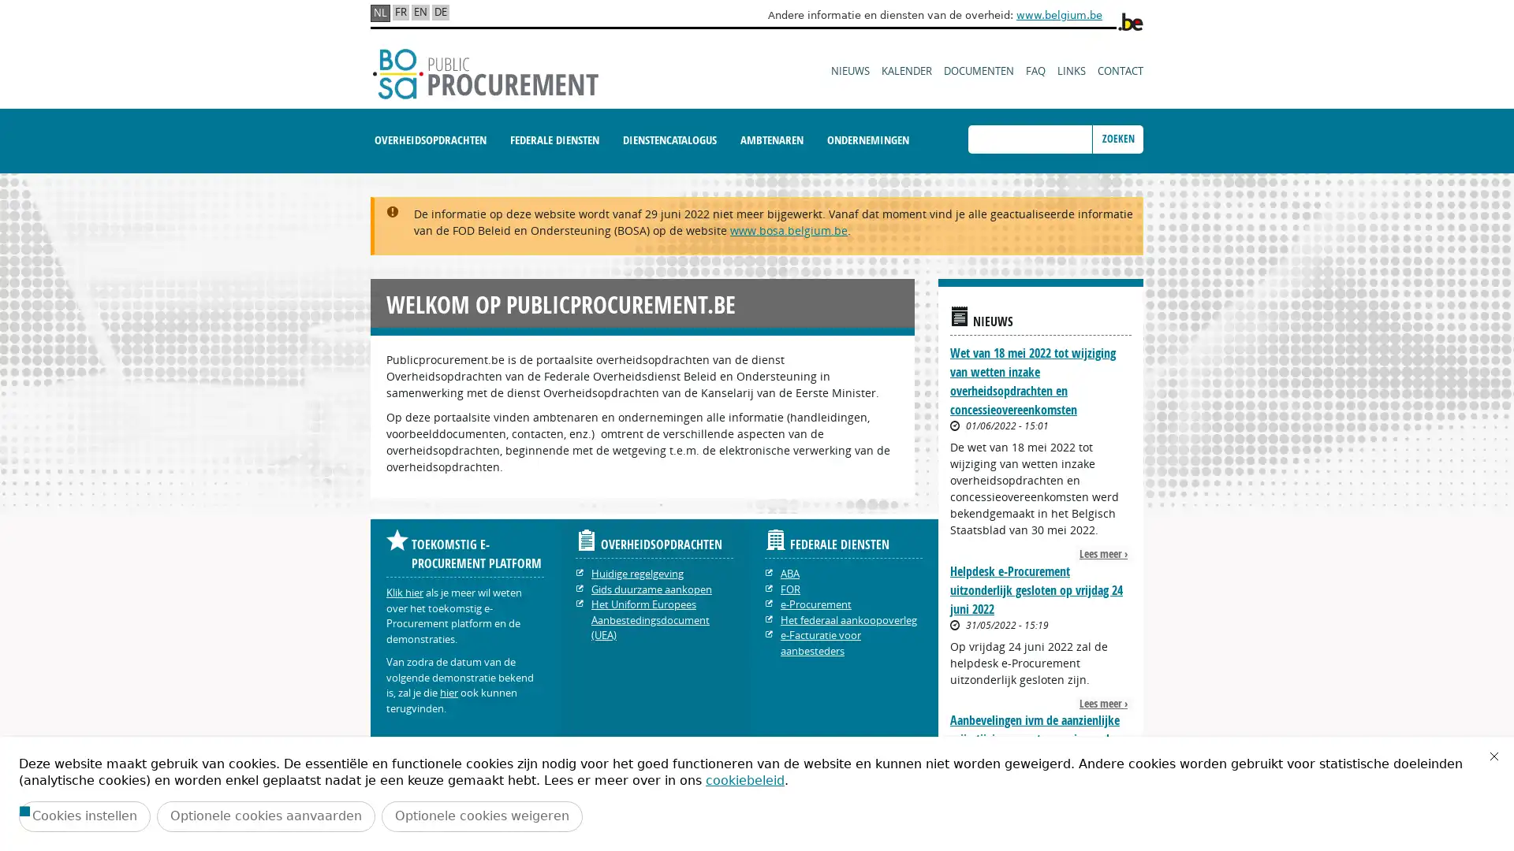 This screenshot has height=851, width=1514. I want to click on Optionele cookies aanvaarden, so click(266, 816).